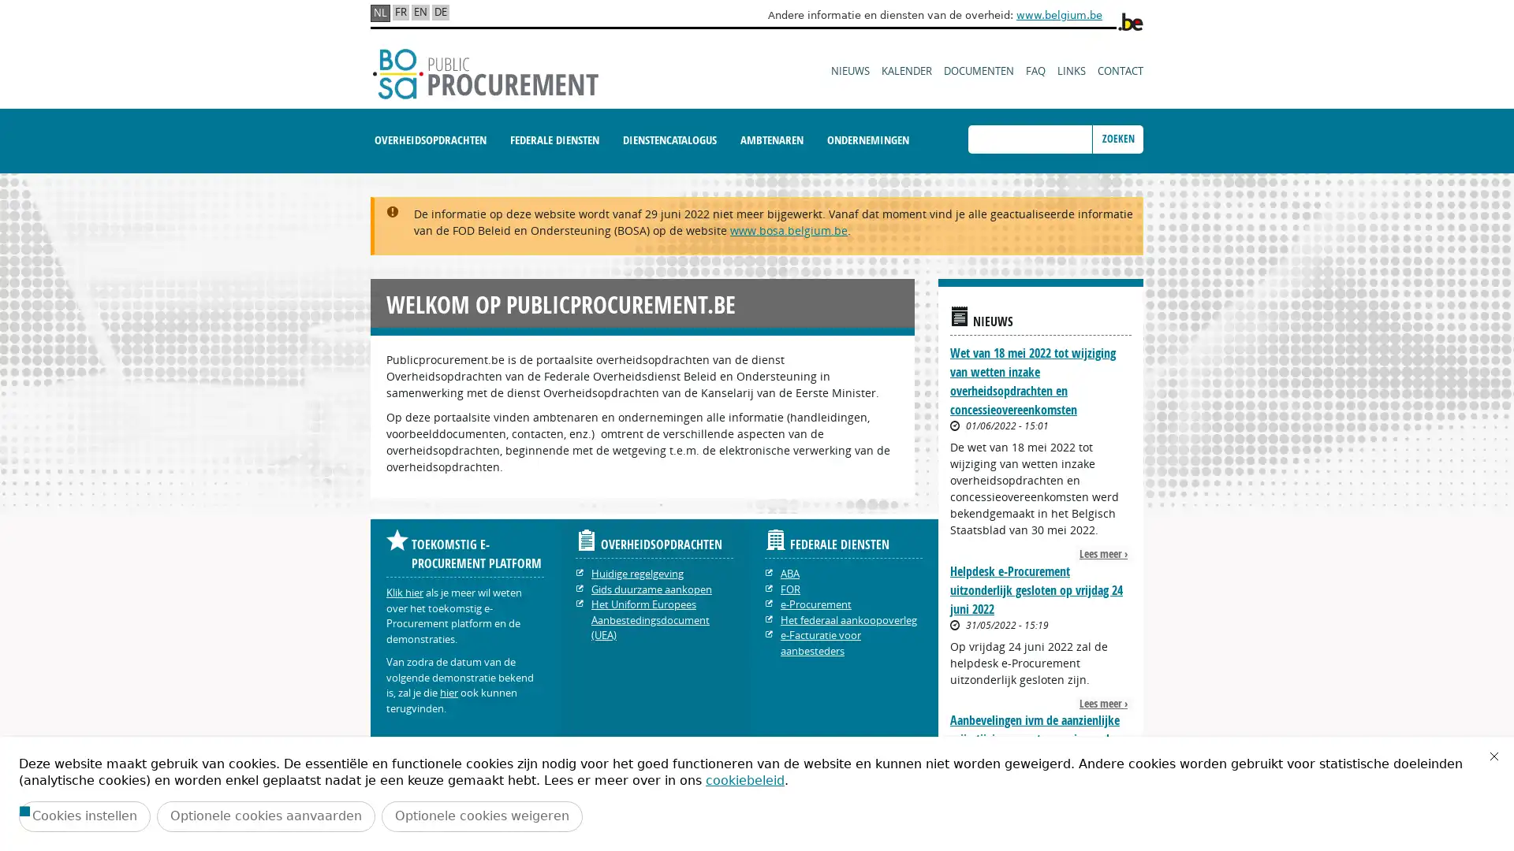 This screenshot has height=851, width=1514. I want to click on Optionele cookies aanvaarden, so click(266, 816).